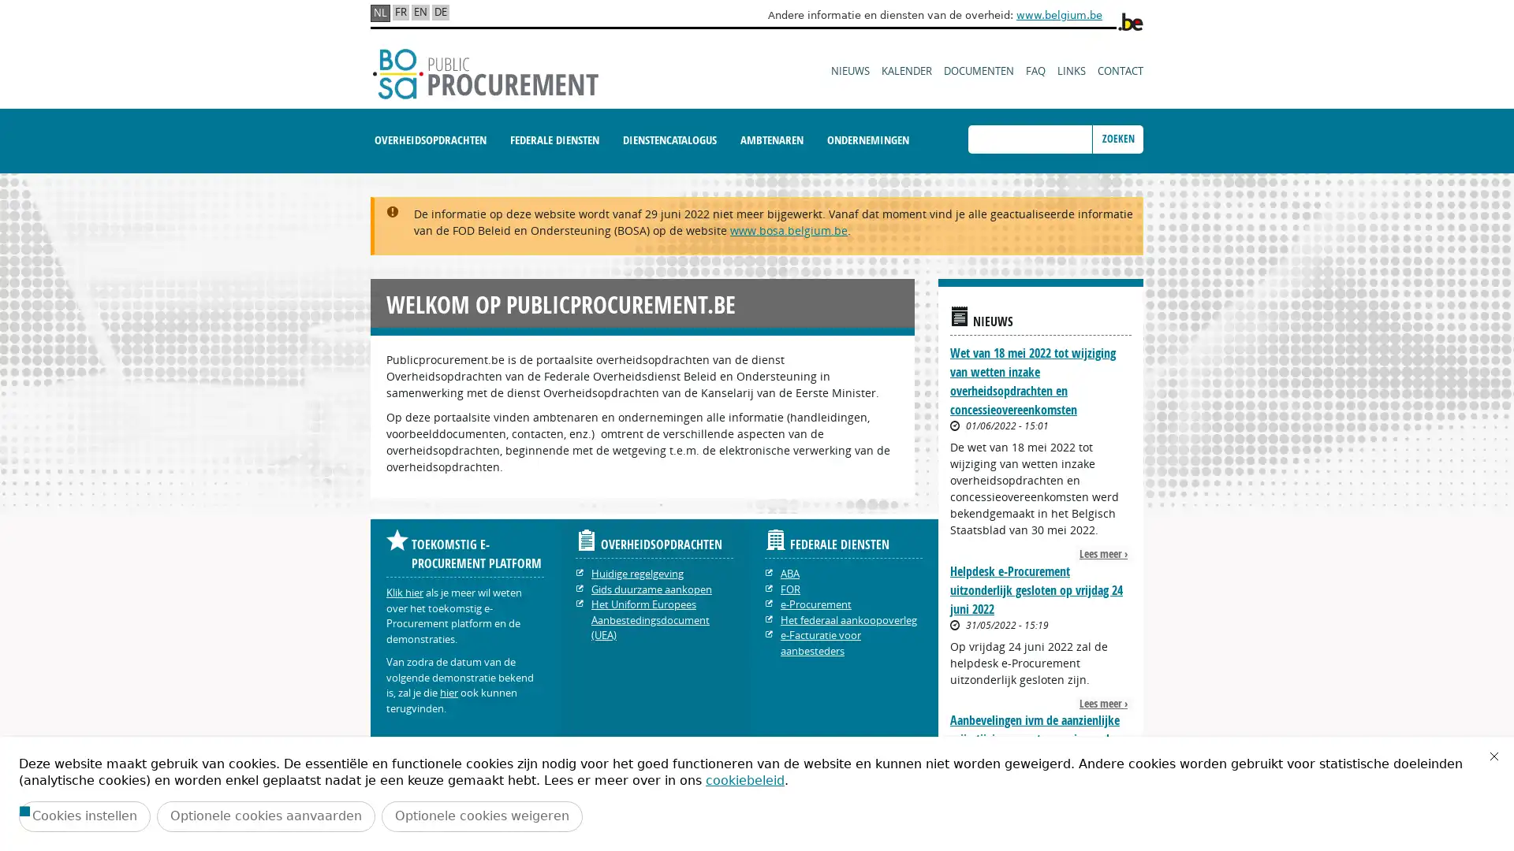 This screenshot has height=851, width=1514. I want to click on Optionele cookies aanvaarden, so click(266, 816).